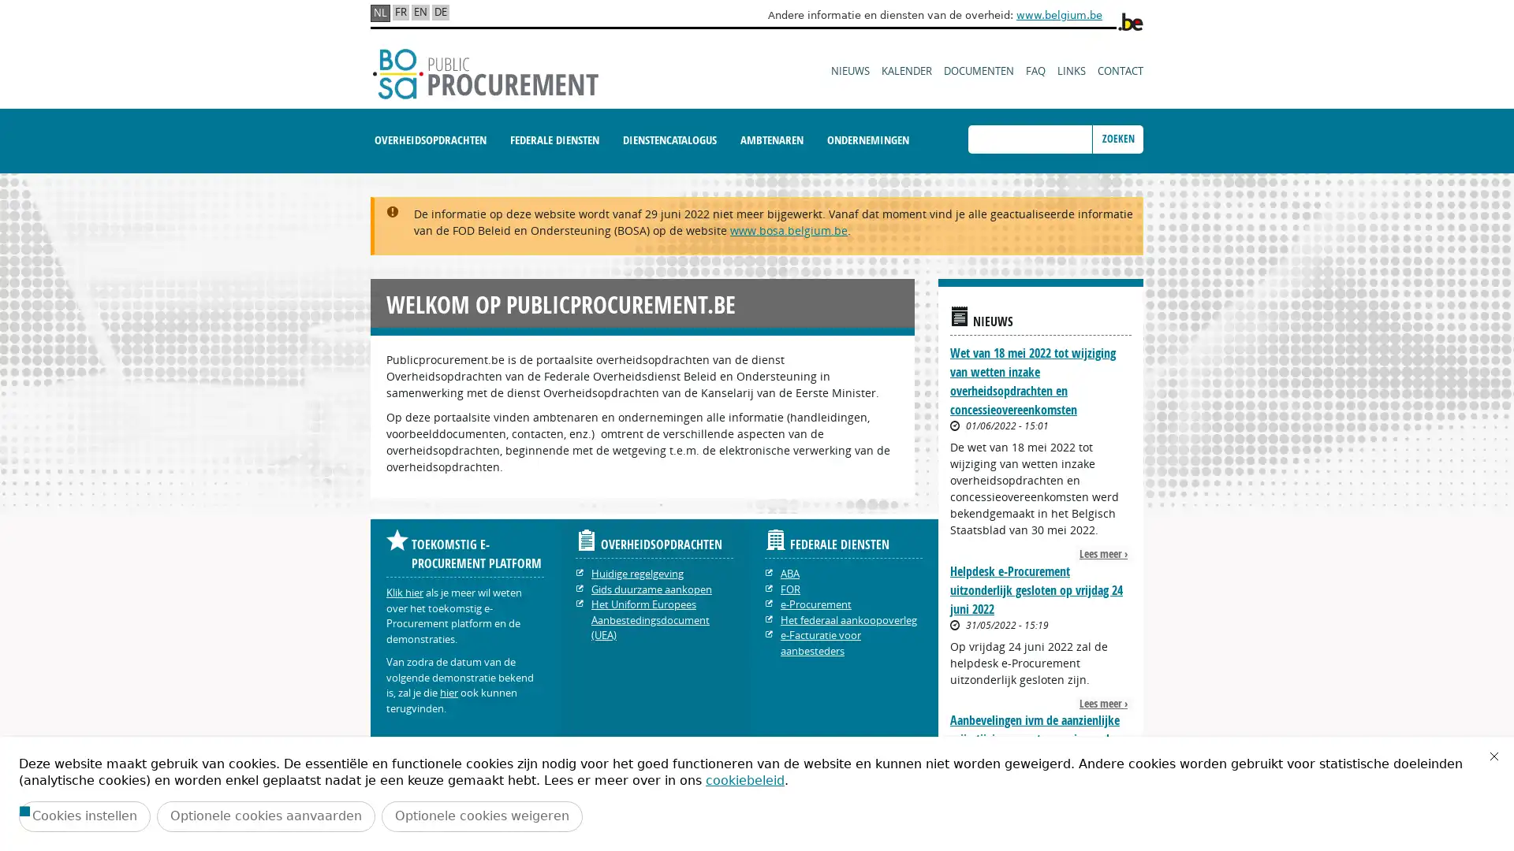 This screenshot has height=851, width=1514. I want to click on Optionele cookies aanvaarden, so click(266, 816).